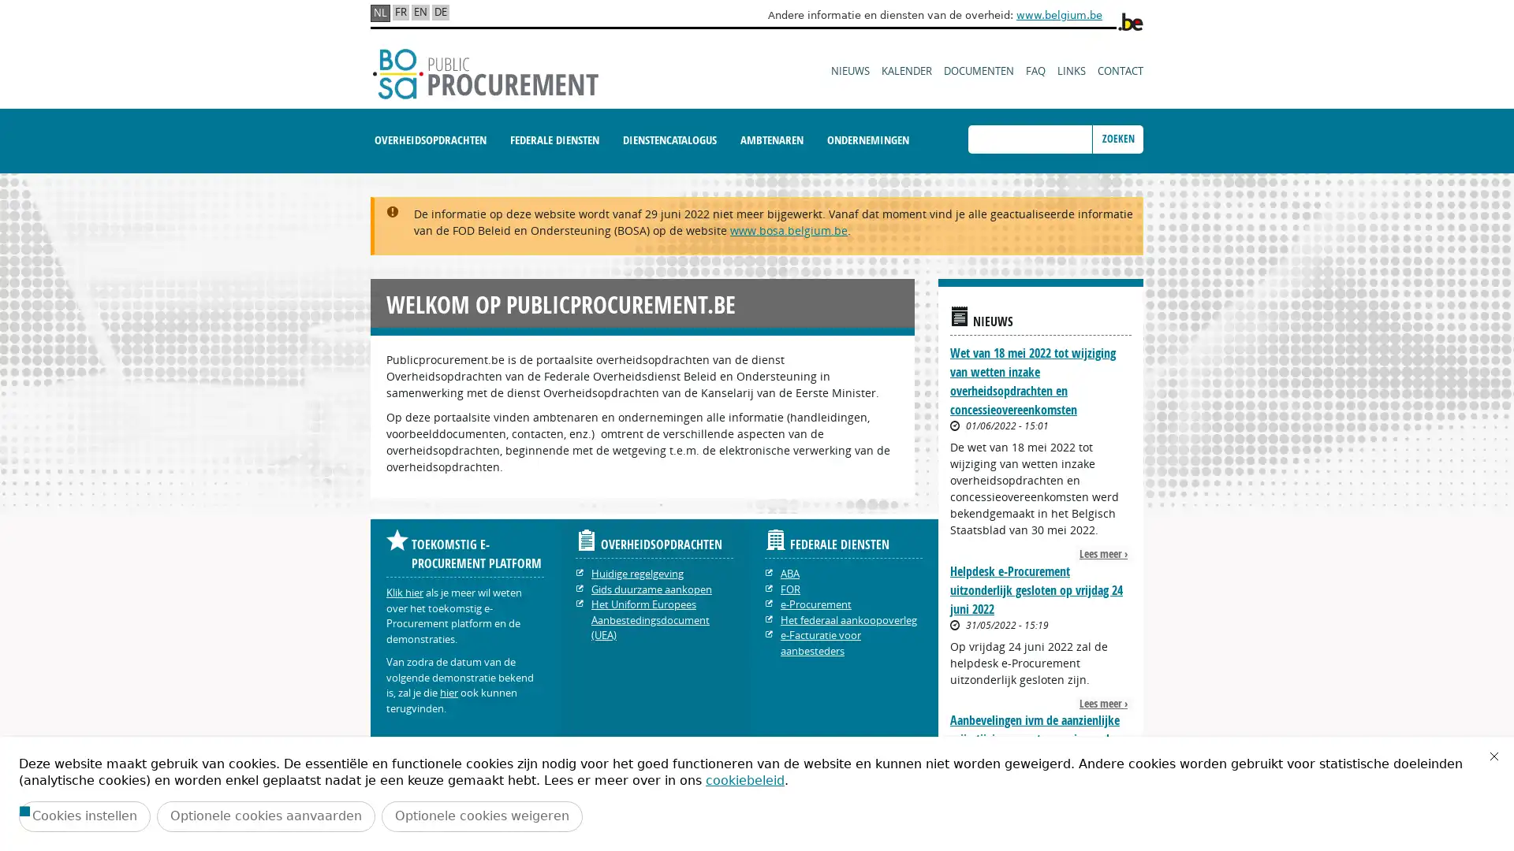 This screenshot has height=851, width=1514. I want to click on Optionele cookies aanvaarden, so click(266, 816).